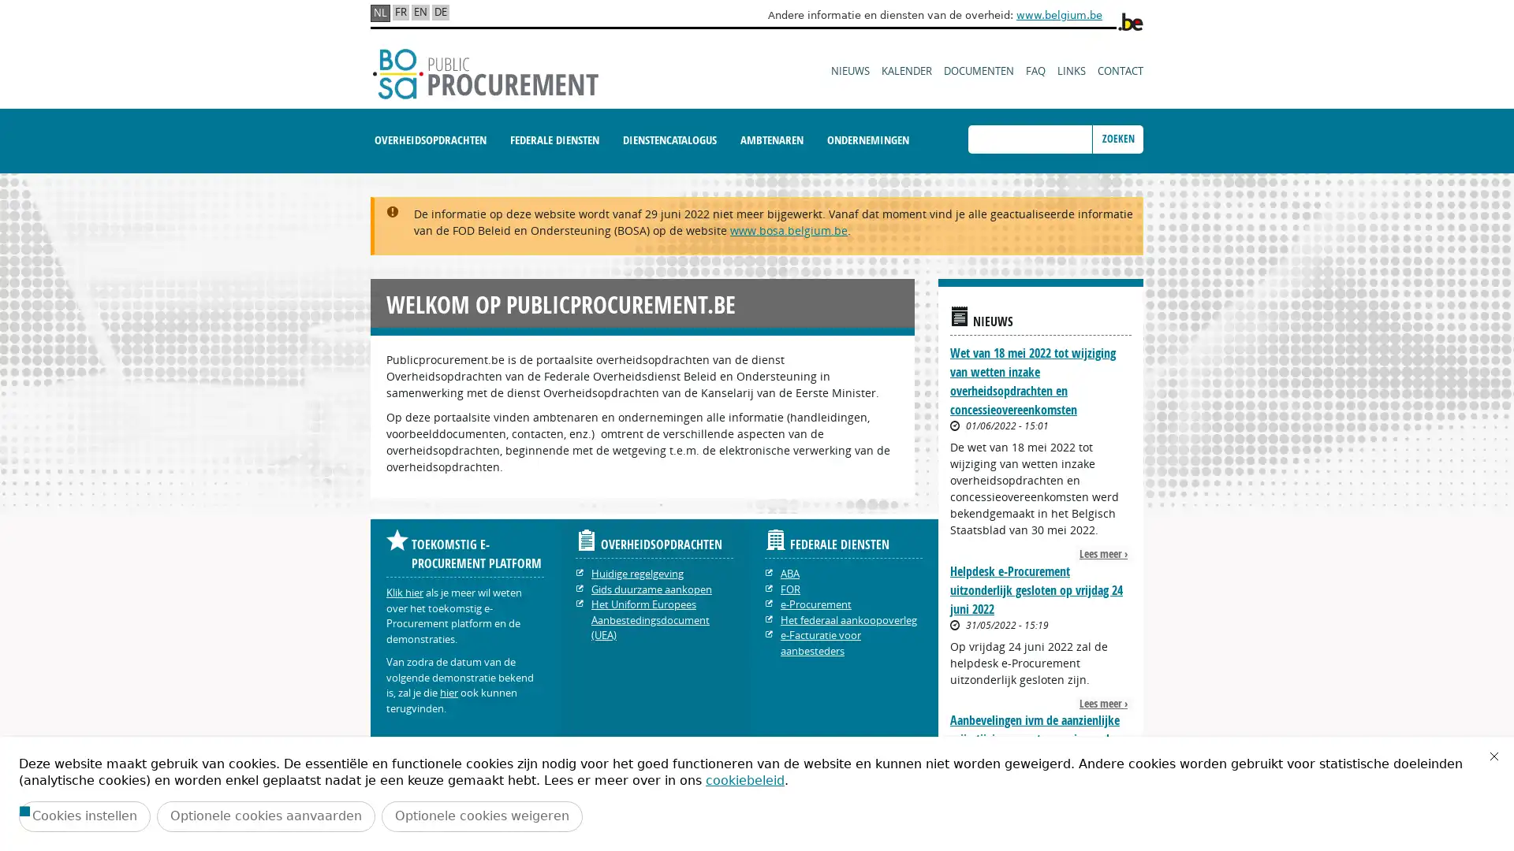 This screenshot has height=851, width=1514. I want to click on Optionele cookies aanvaarden, so click(266, 816).